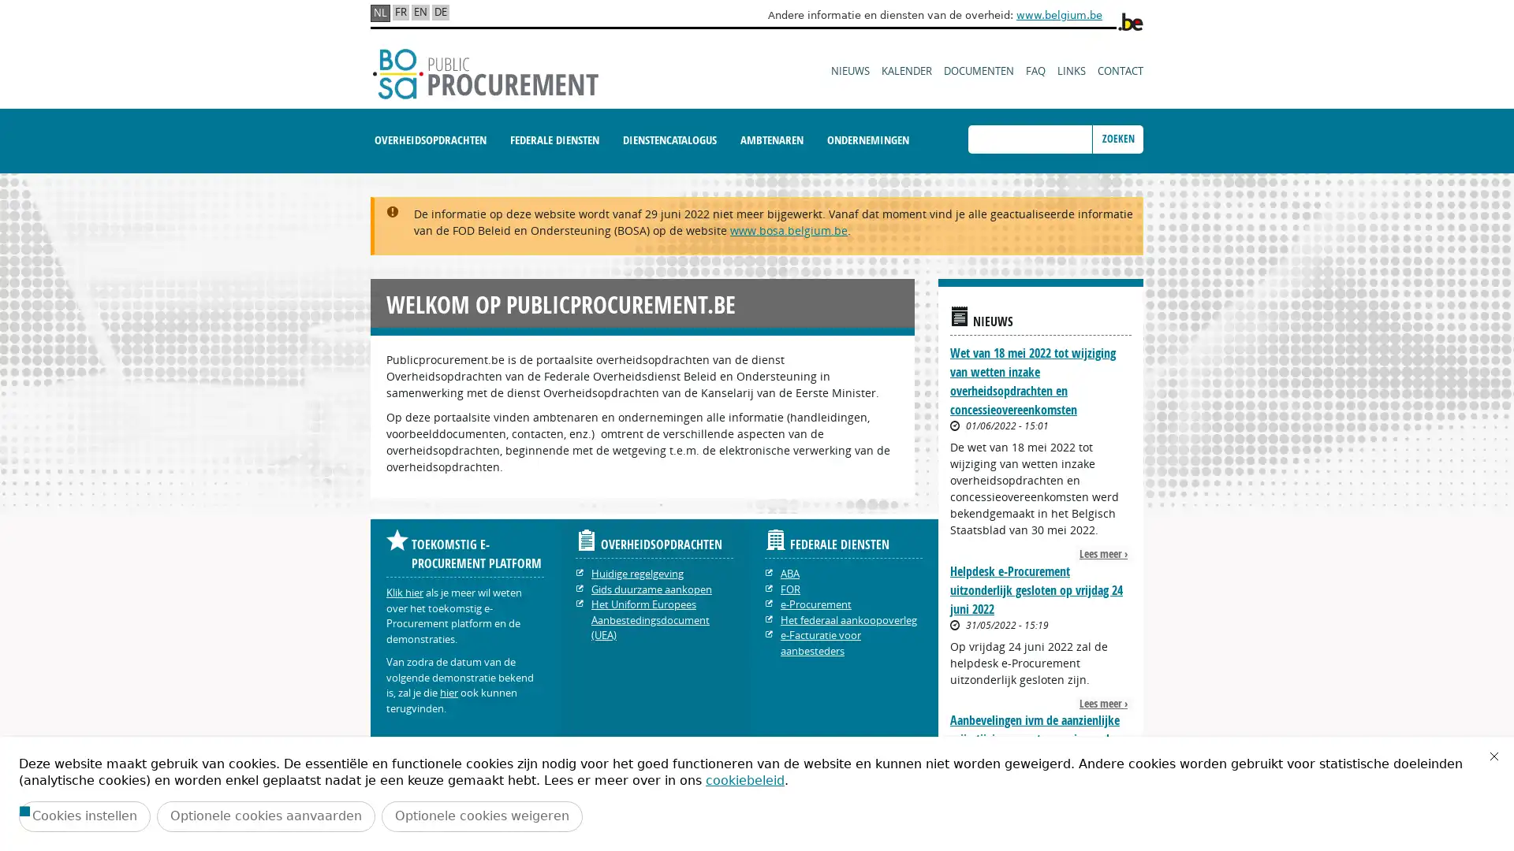 This screenshot has height=851, width=1514. I want to click on Optionele cookies aanvaarden, so click(266, 816).